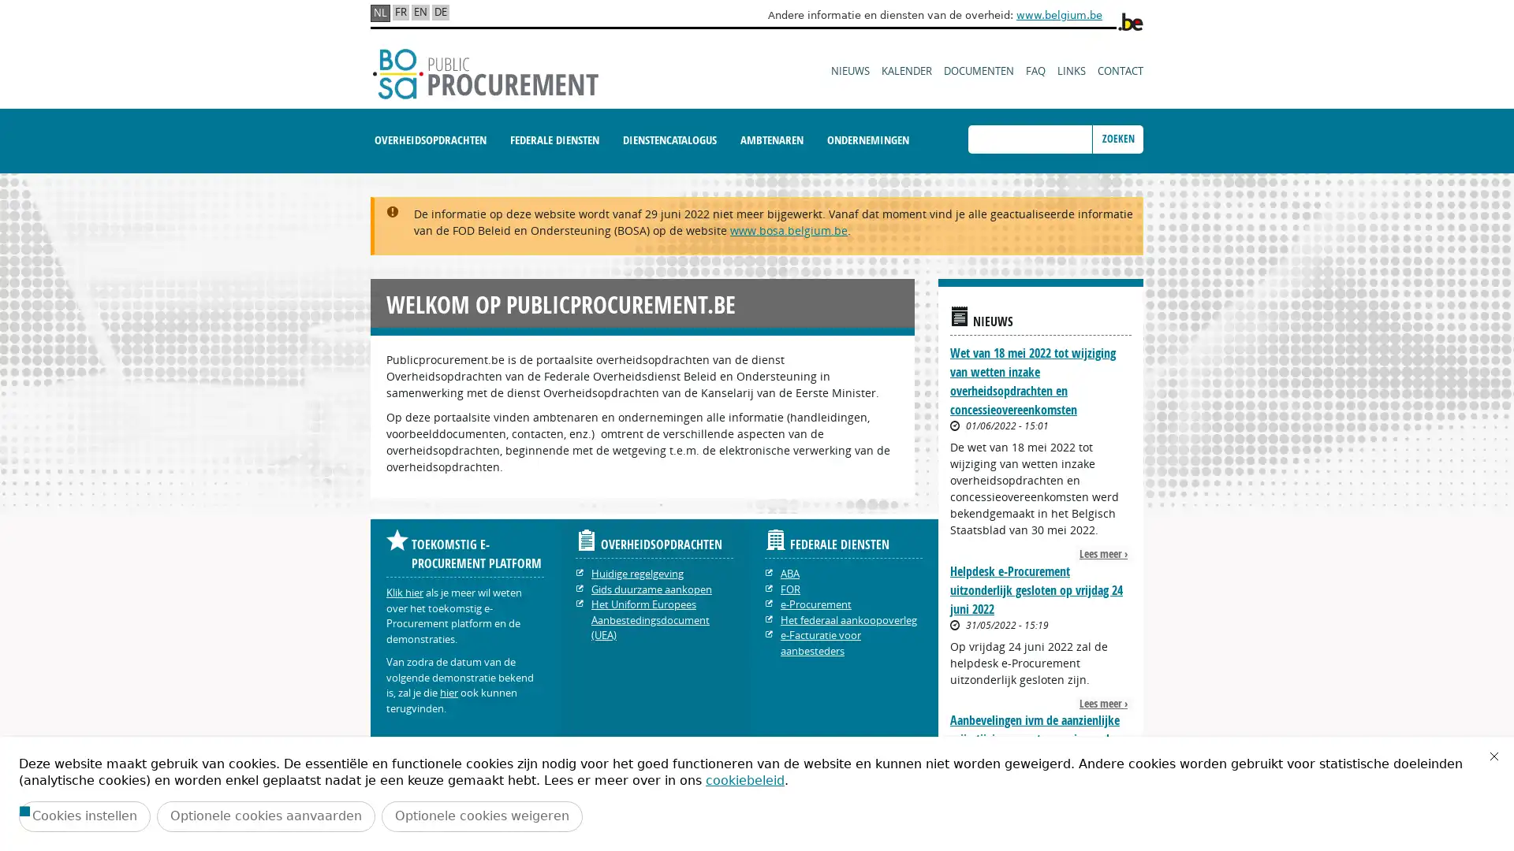 This screenshot has height=851, width=1514. I want to click on Optionele cookies aanvaarden, so click(266, 816).